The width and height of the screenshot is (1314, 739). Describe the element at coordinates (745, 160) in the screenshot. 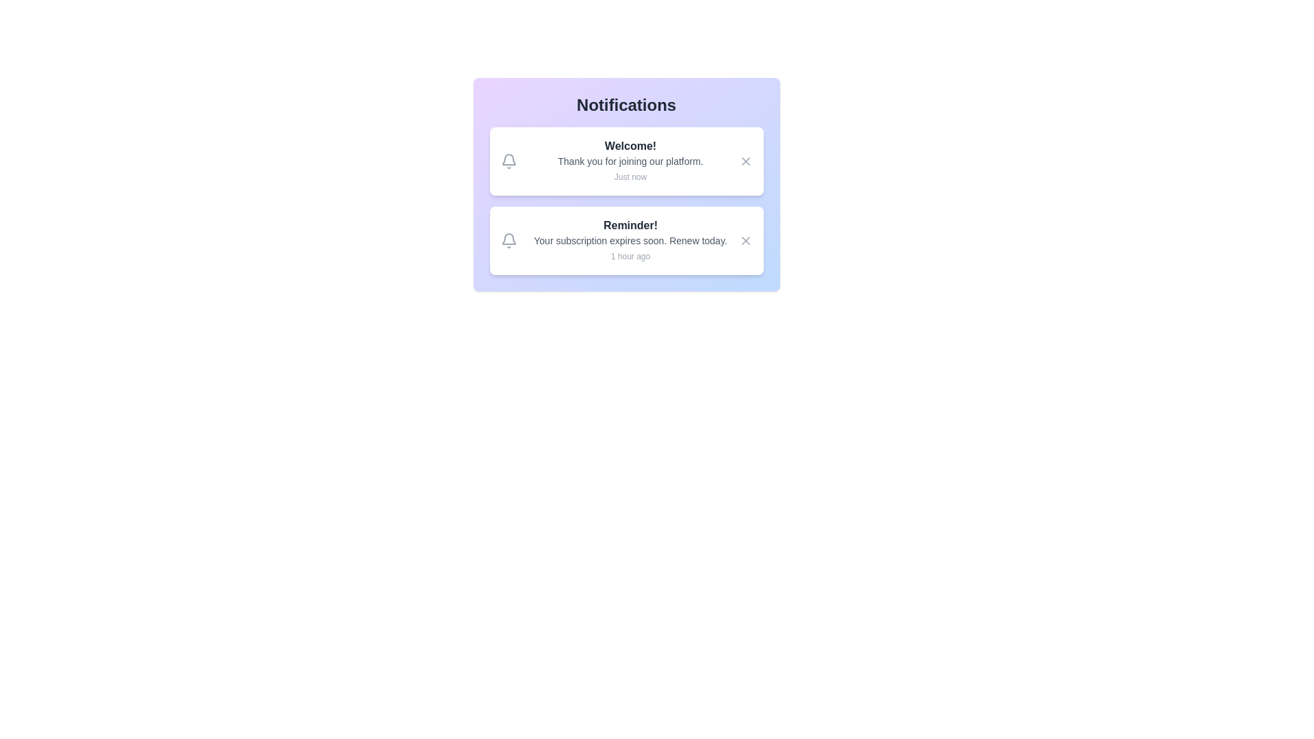

I see `close button next to the notification titled 'Welcome!' to remove it` at that location.